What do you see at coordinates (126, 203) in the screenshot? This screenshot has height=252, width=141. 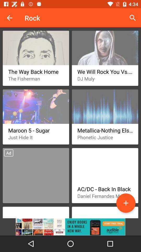 I see `the add icon` at bounding box center [126, 203].